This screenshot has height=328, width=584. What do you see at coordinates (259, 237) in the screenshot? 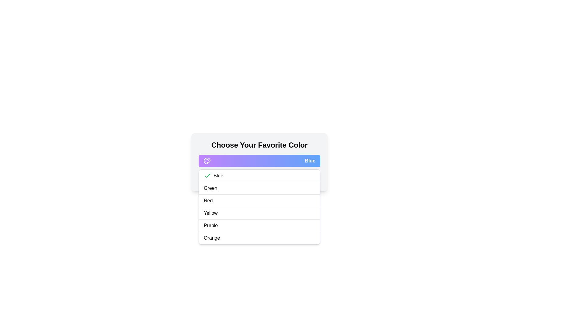
I see `the sixth and final selectable item` at bounding box center [259, 237].